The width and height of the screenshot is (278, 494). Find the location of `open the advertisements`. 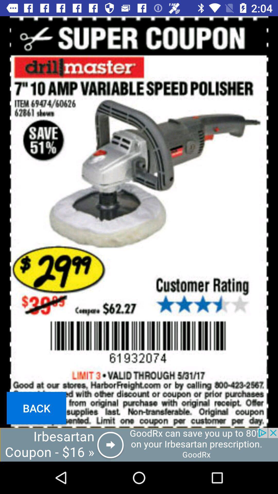

open the advertisements is located at coordinates (139, 444).